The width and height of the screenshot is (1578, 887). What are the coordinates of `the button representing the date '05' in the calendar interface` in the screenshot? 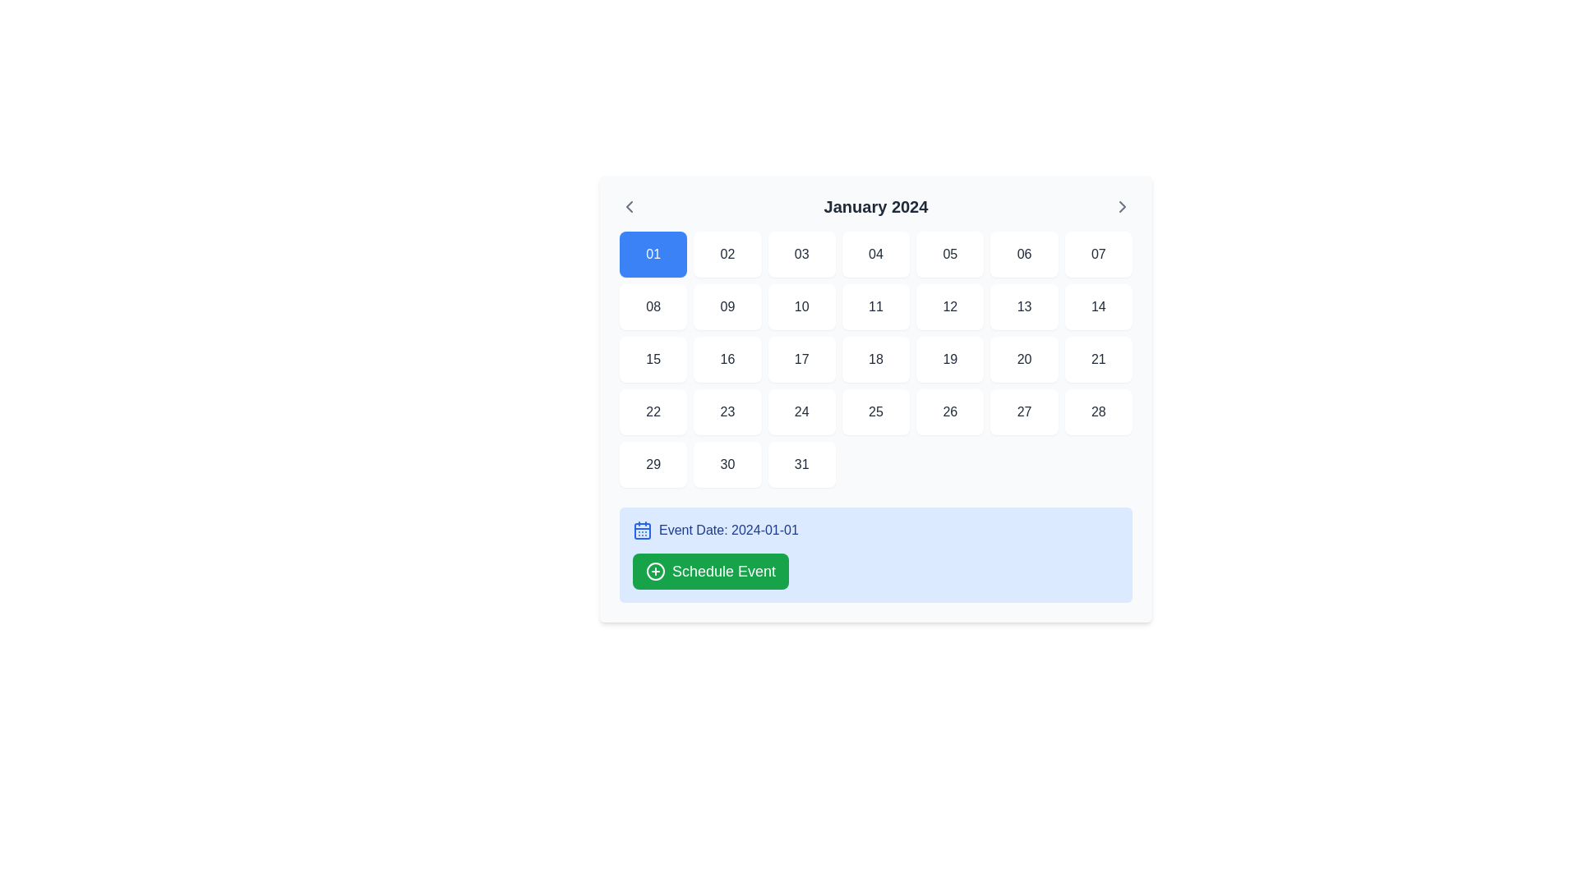 It's located at (950, 254).